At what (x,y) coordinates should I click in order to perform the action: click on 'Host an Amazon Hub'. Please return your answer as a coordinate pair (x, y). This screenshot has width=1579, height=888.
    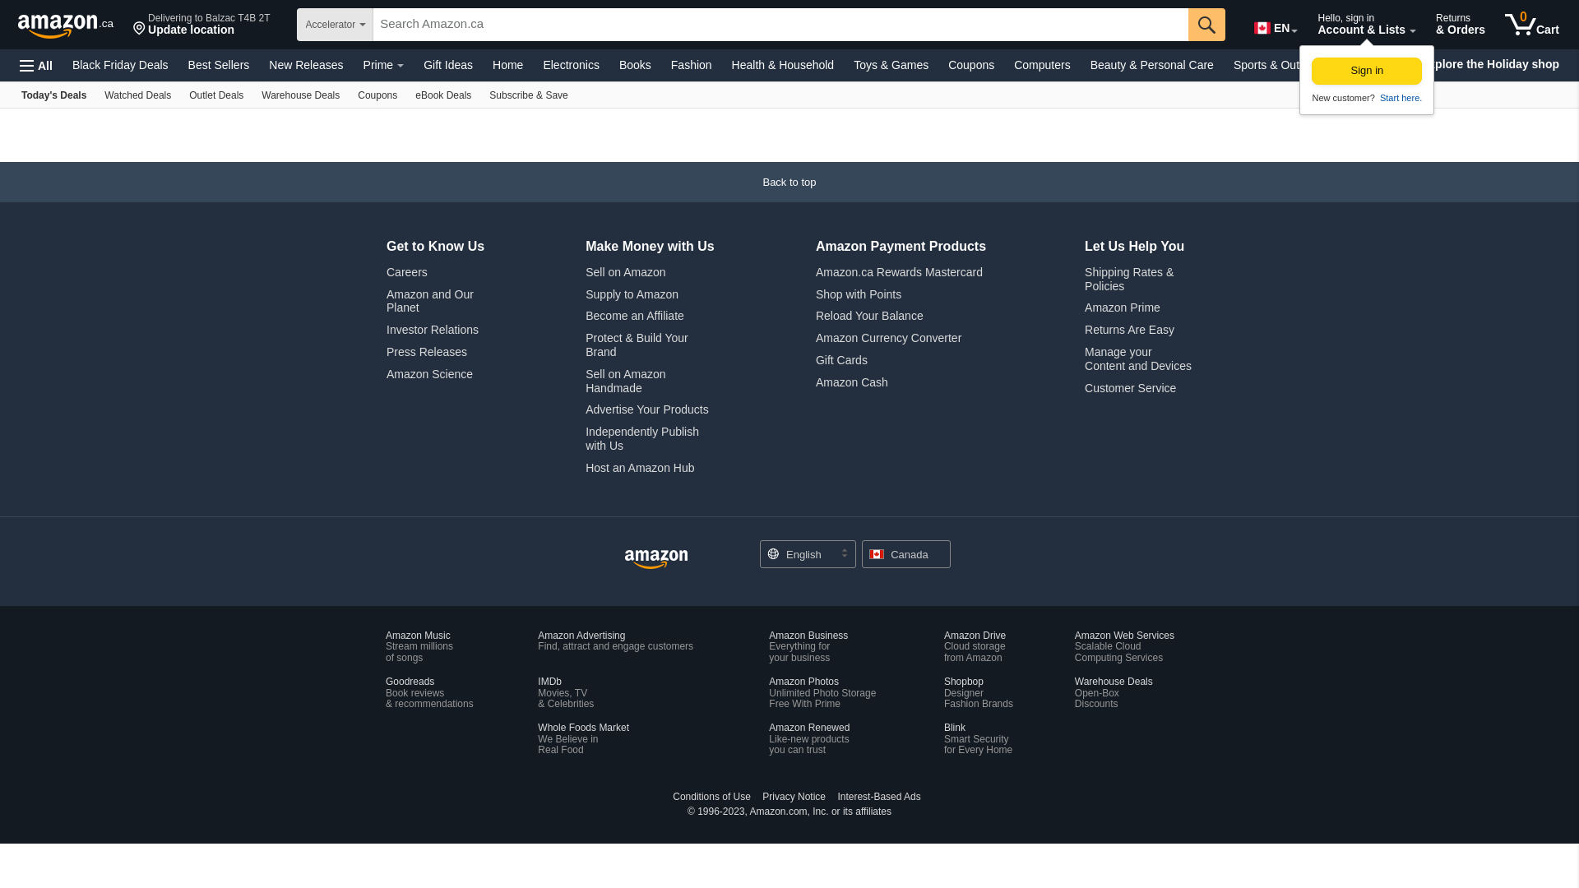
    Looking at the image, I should click on (638, 468).